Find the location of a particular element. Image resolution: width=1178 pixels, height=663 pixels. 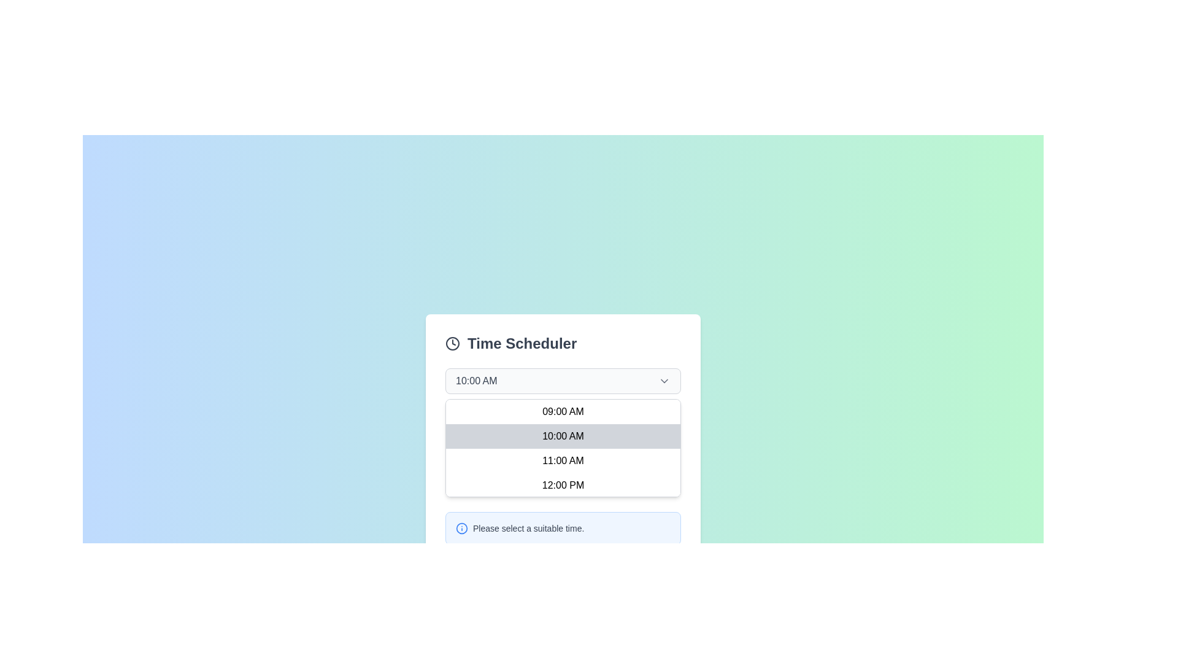

the list item displaying '11:00 AM' is located at coordinates (562, 461).